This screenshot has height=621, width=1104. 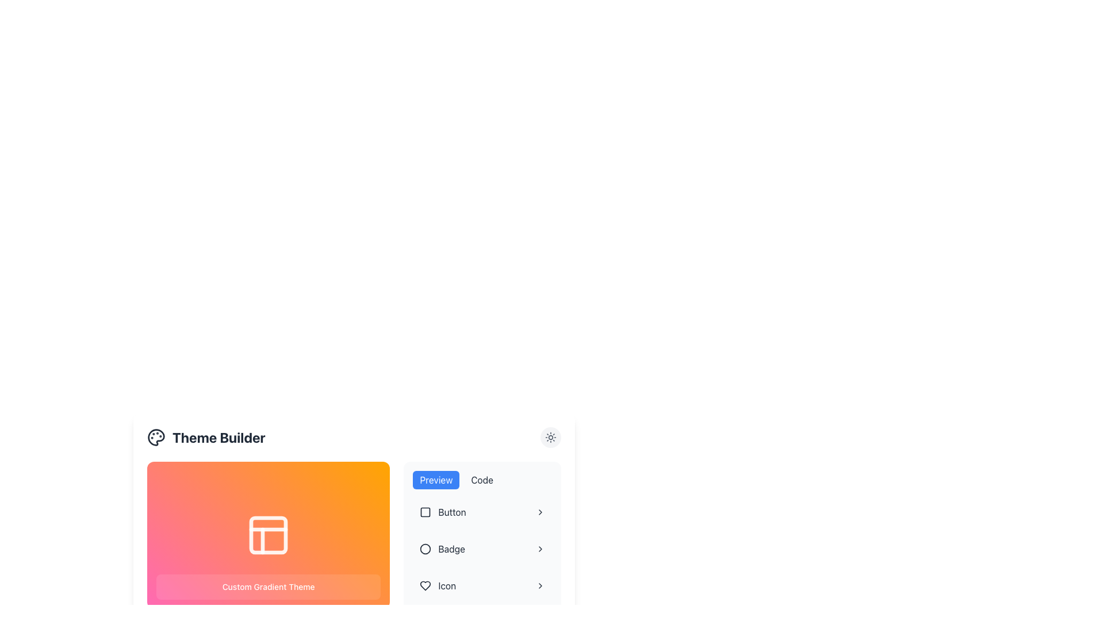 What do you see at coordinates (425, 585) in the screenshot?
I see `the heart-shaped icon indicating a favorite or like feature, located in the bottom part of the right-hand panel beneath options such as 'Button' and 'Badge', which is the third item in a vertical list of icons` at bounding box center [425, 585].